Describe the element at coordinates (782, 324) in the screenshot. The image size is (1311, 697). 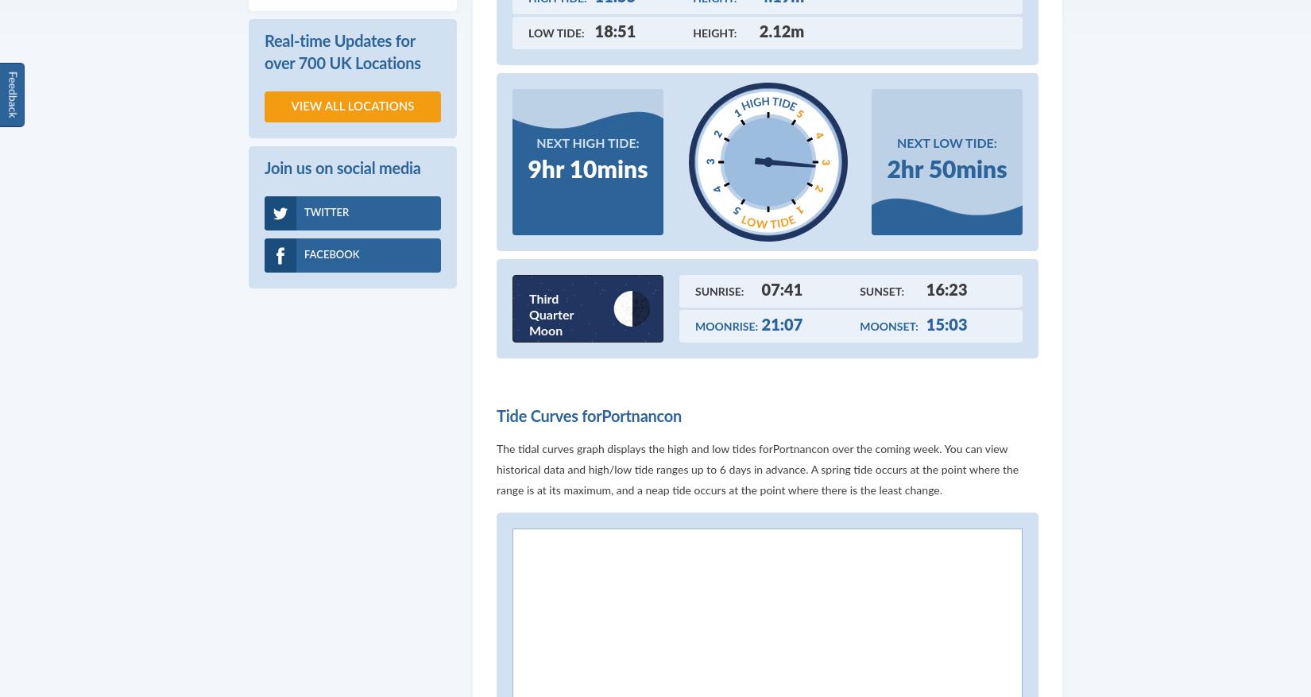
I see `'21:07'` at that location.